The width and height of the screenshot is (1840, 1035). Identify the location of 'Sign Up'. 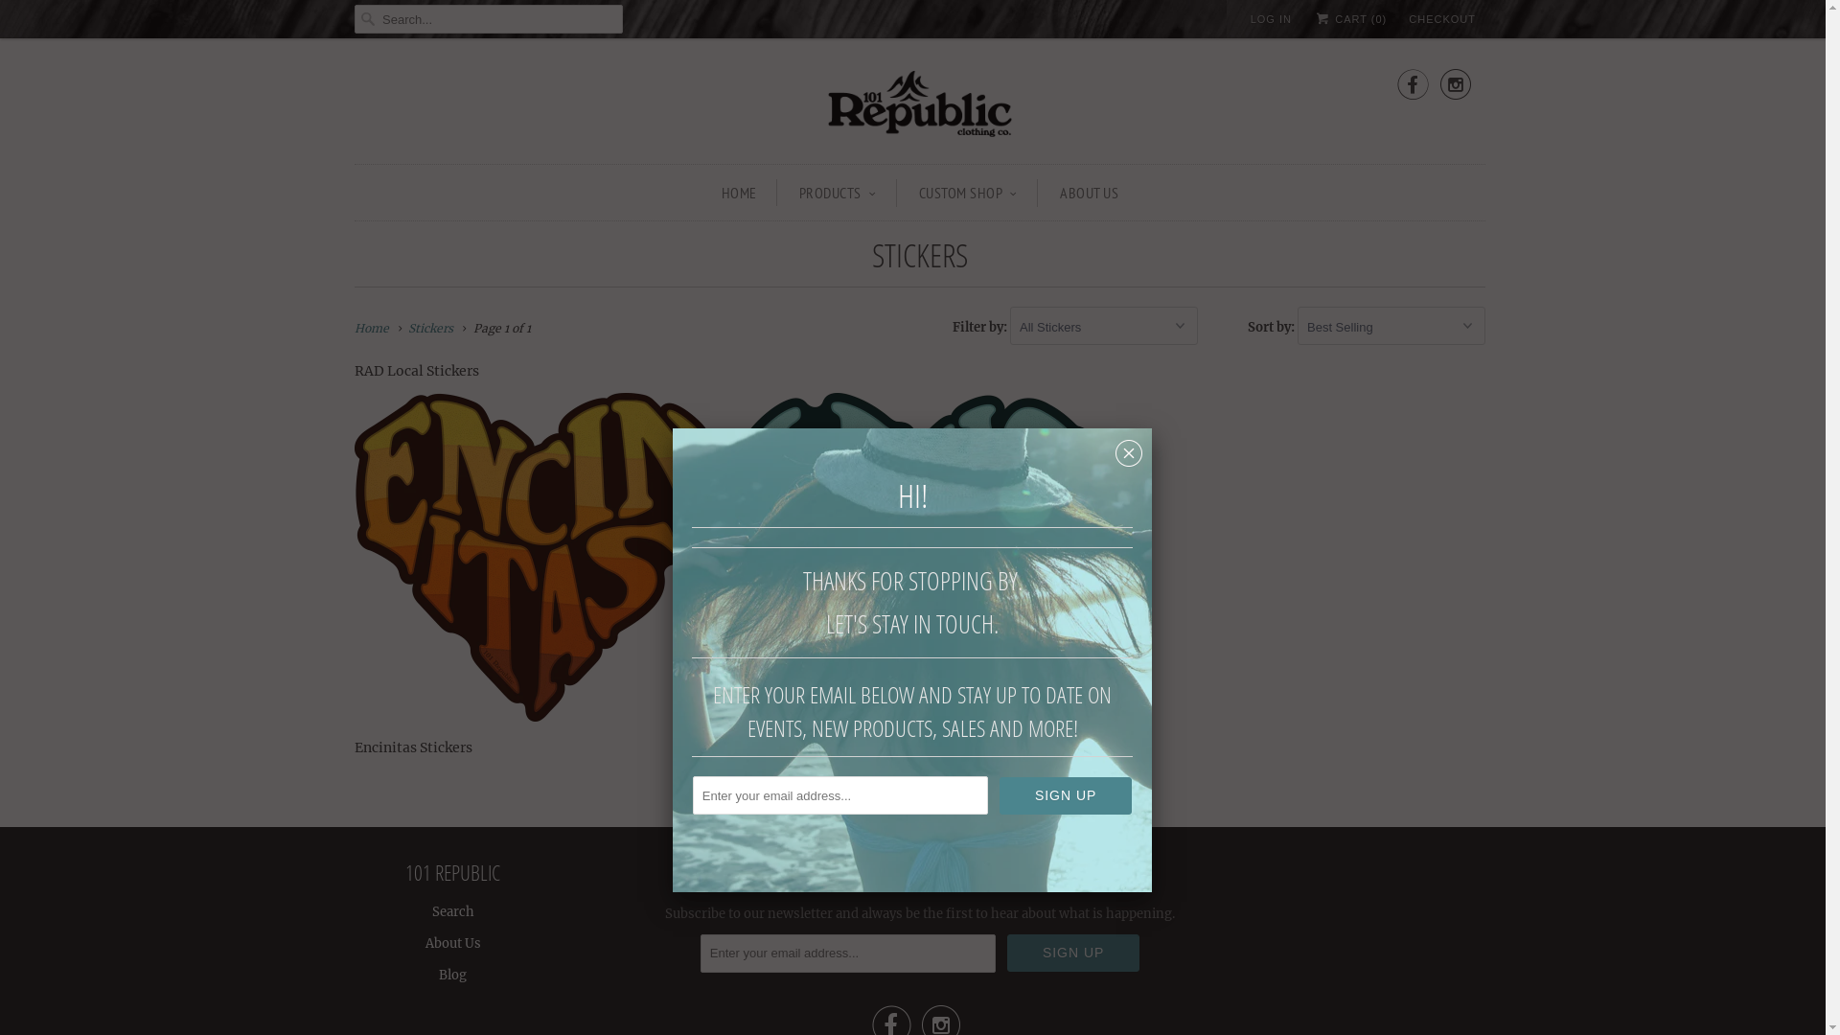
(998, 795).